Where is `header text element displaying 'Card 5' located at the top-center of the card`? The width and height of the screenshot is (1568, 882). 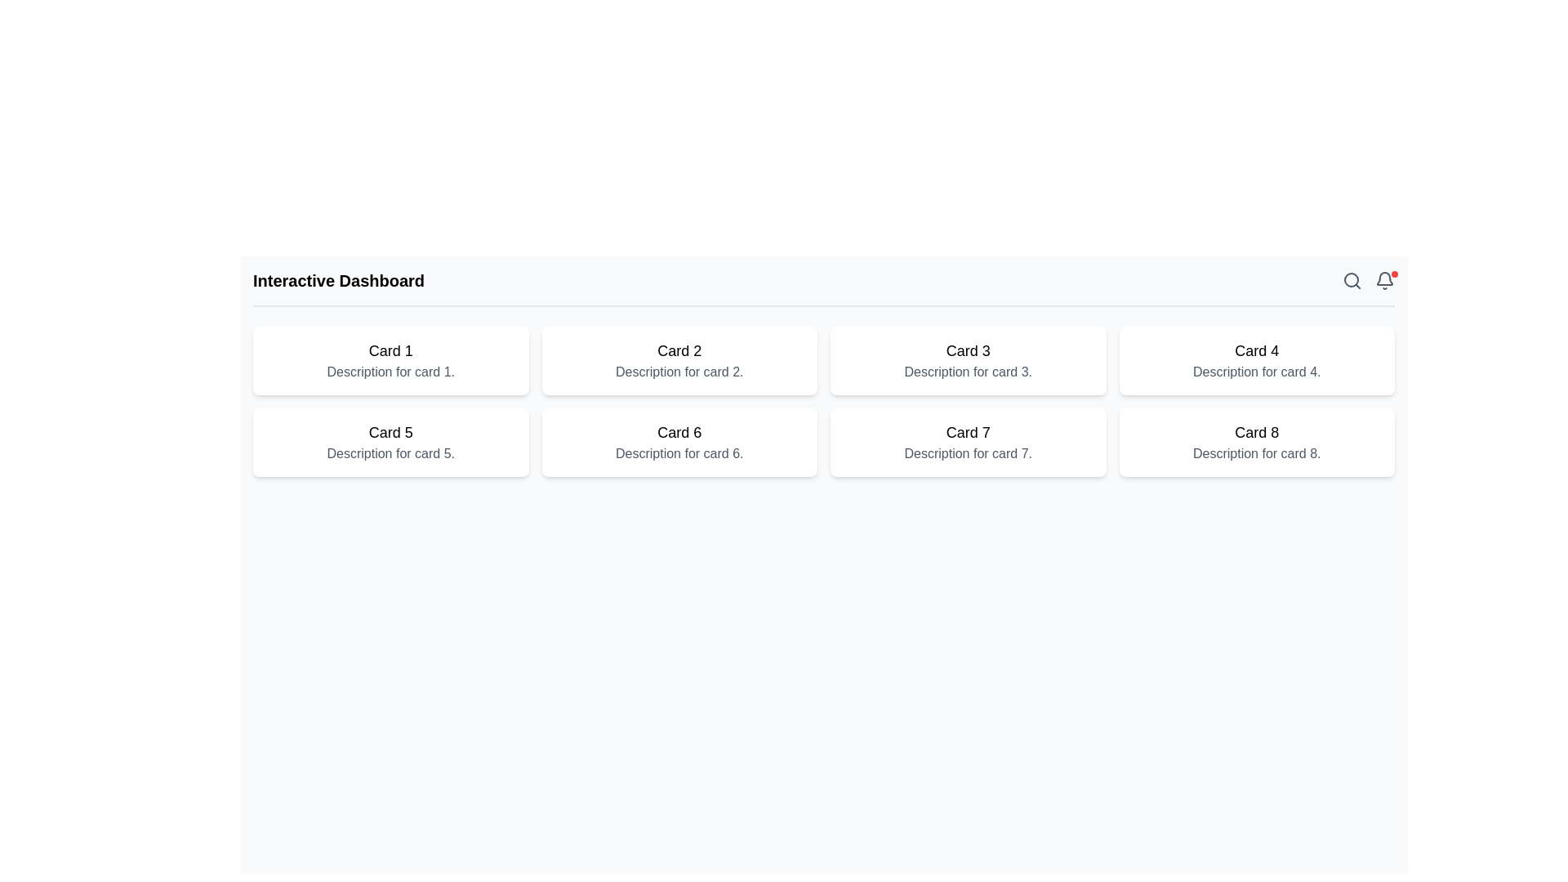
header text element displaying 'Card 5' located at the top-center of the card is located at coordinates (390, 431).